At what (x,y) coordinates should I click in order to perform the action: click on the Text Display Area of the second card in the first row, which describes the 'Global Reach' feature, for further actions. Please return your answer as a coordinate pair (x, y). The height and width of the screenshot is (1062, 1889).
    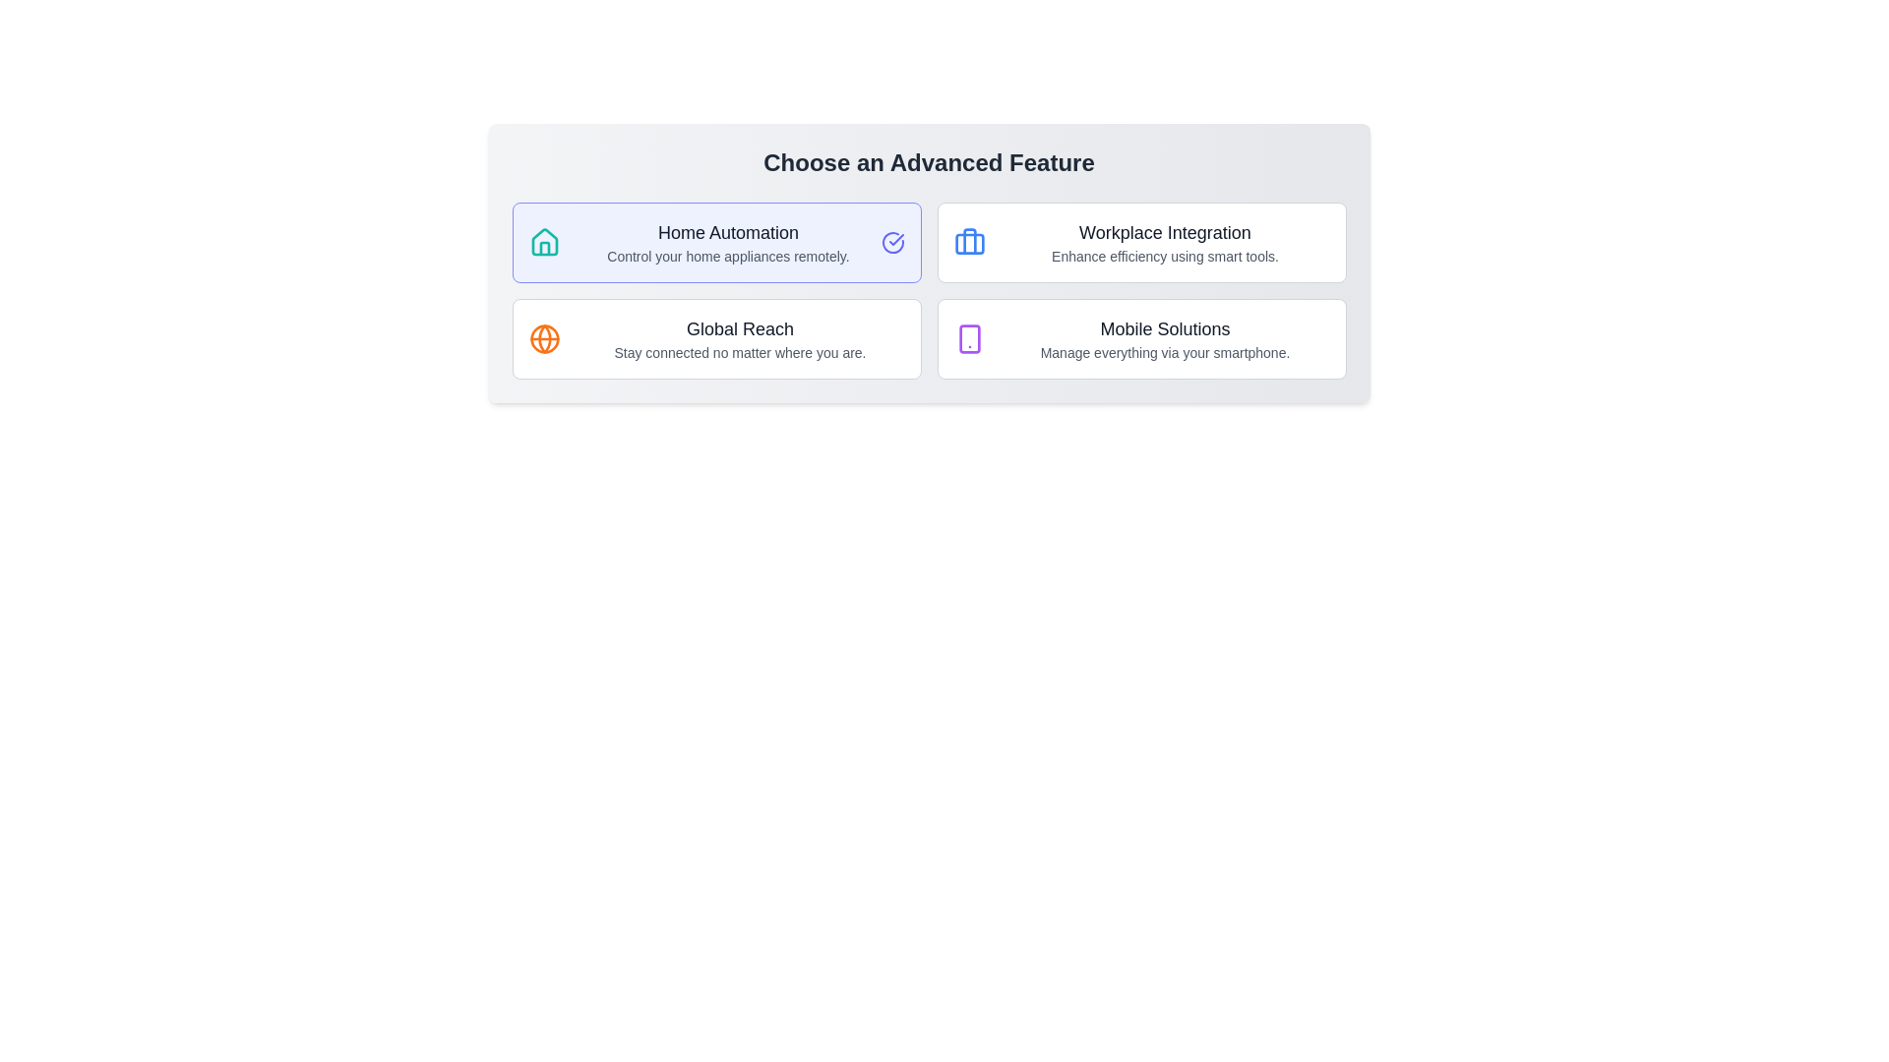
    Looking at the image, I should click on (739, 337).